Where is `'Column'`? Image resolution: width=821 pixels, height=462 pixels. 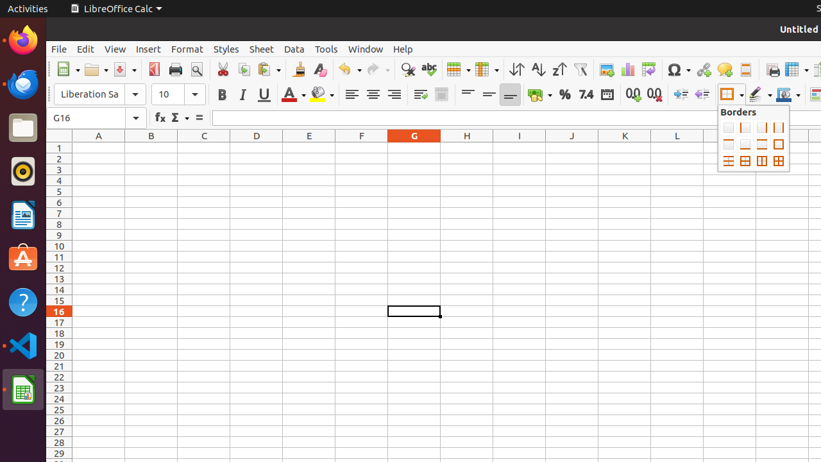 'Column' is located at coordinates (486, 69).